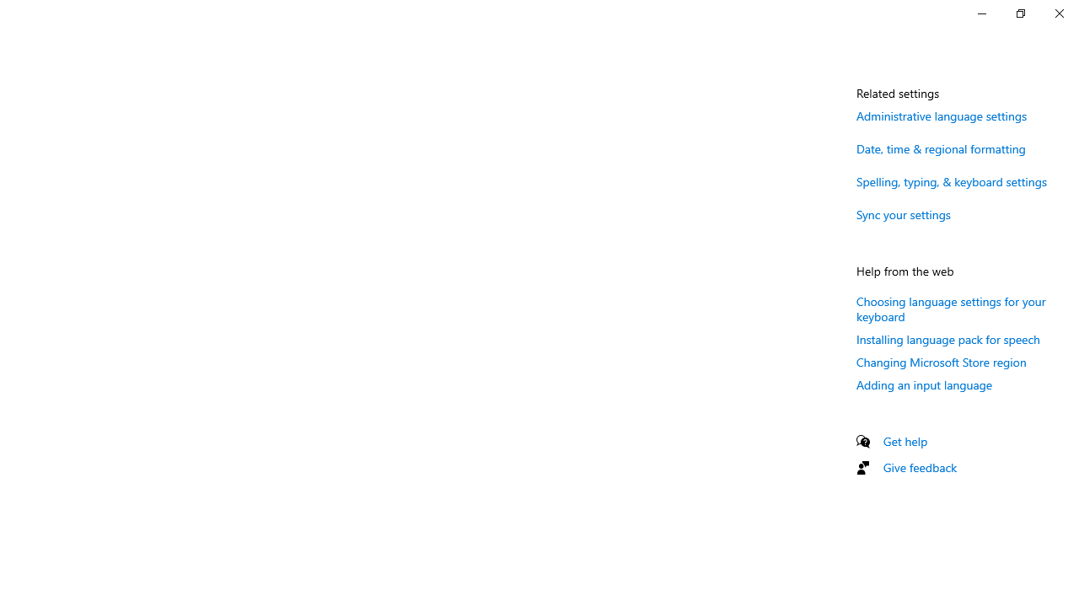 This screenshot has height=607, width=1079. What do you see at coordinates (923, 384) in the screenshot?
I see `'Adding an input language'` at bounding box center [923, 384].